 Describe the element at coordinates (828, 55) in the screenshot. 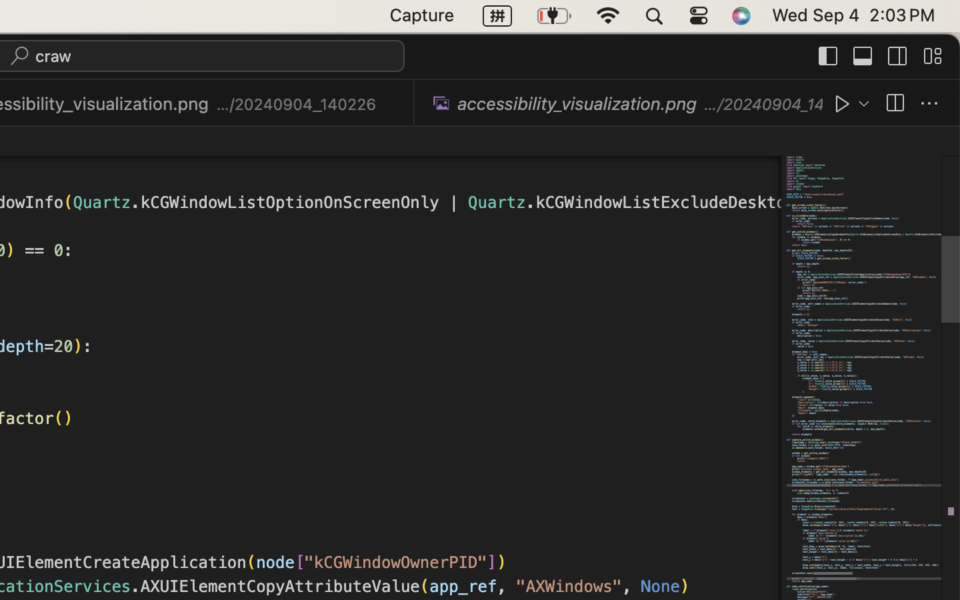

I see `''` at that location.